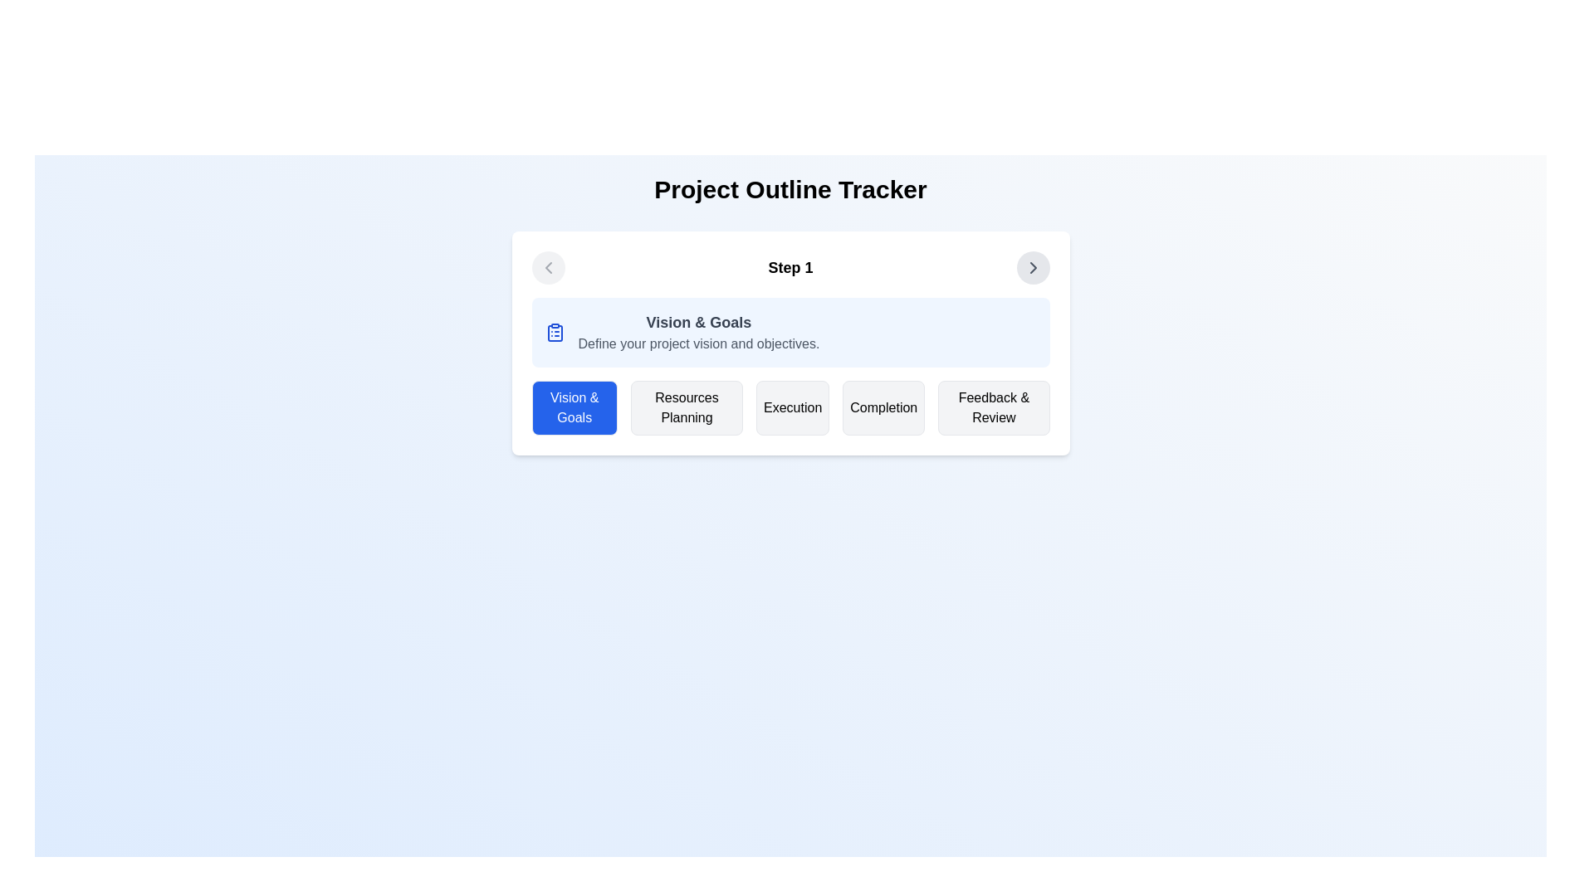 The width and height of the screenshot is (1594, 896). What do you see at coordinates (548, 267) in the screenshot?
I see `the circular button with a light gray background and a left-pointing chevron icon` at bounding box center [548, 267].